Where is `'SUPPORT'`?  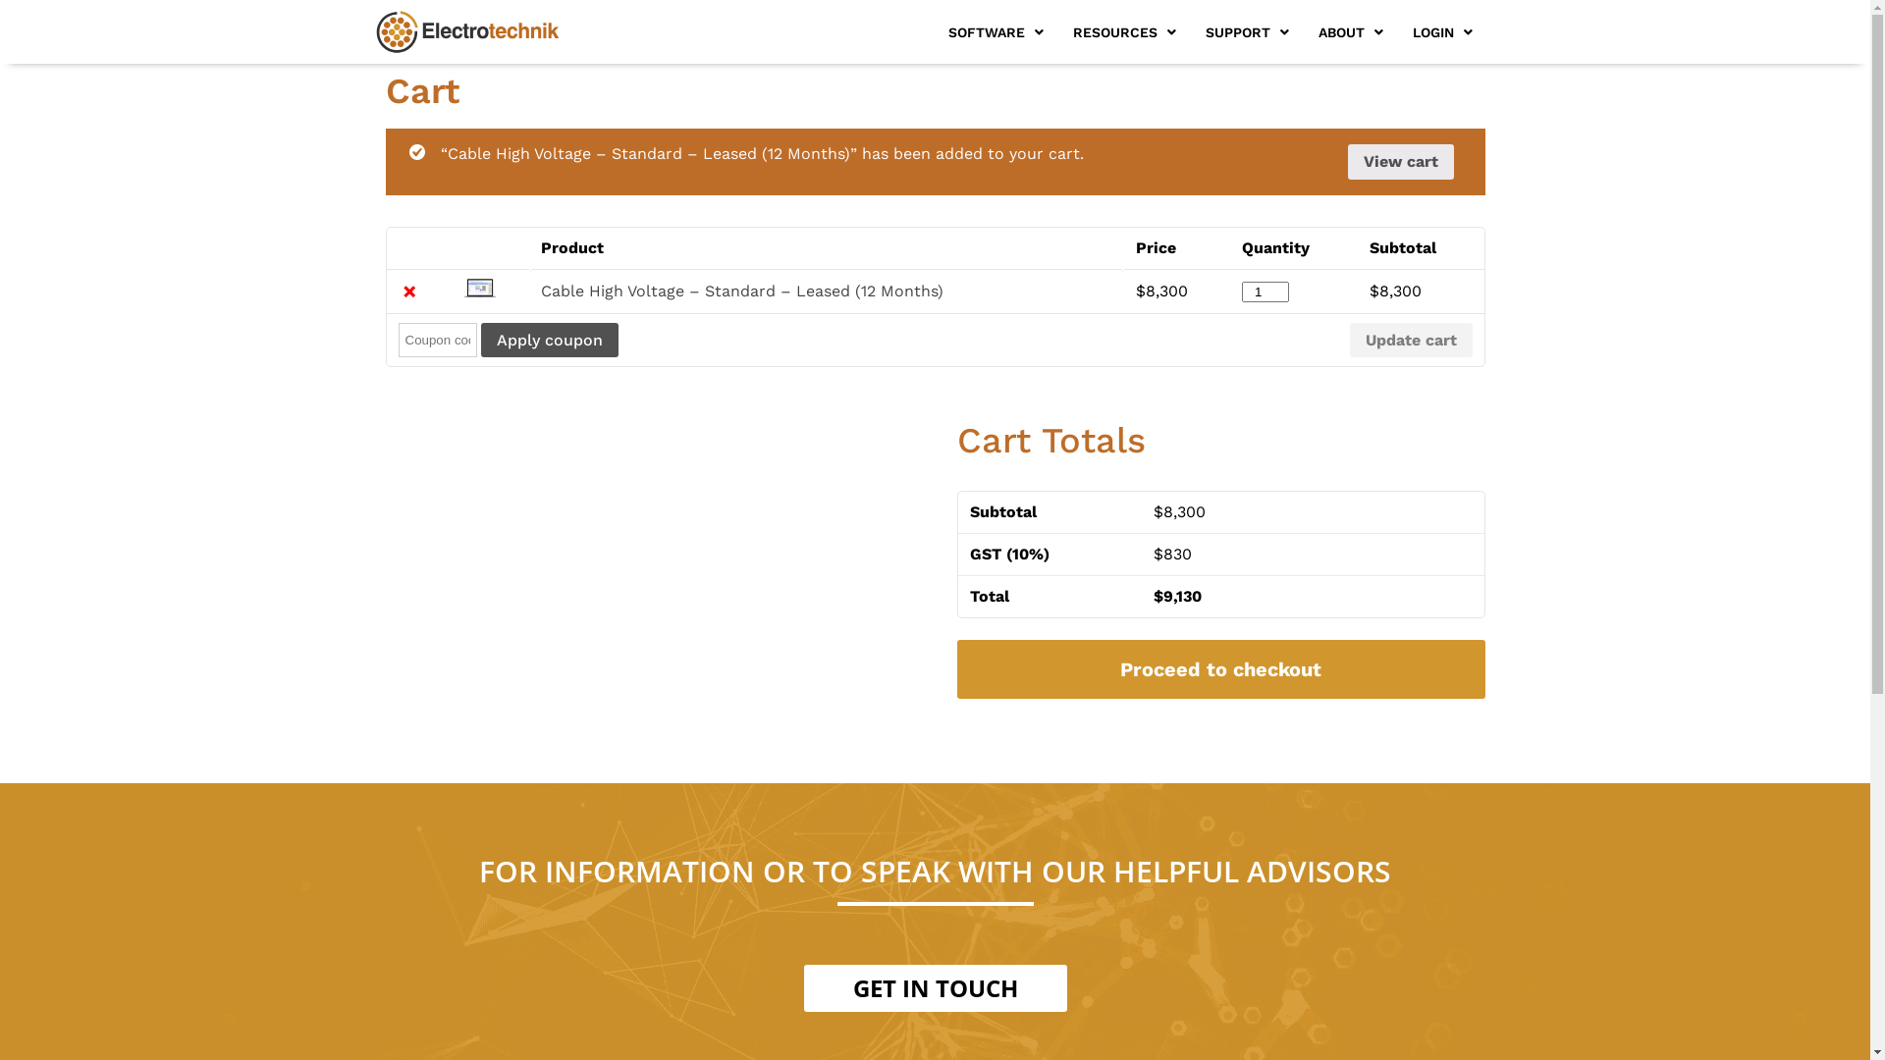
'SUPPORT' is located at coordinates (1246, 30).